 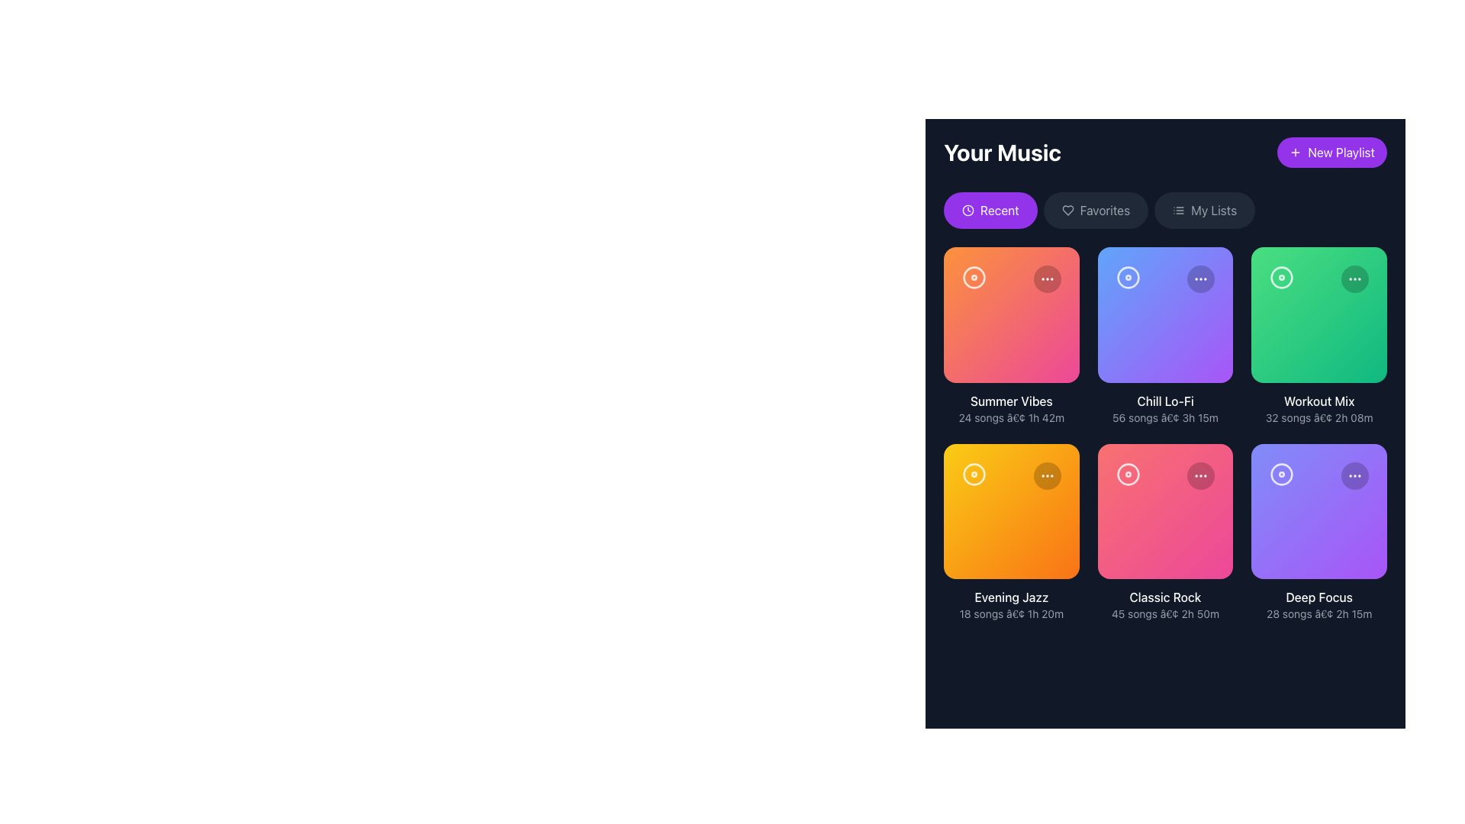 What do you see at coordinates (1164, 604) in the screenshot?
I see `information displayed in the text component of the 'Classic Rock' playlist card located in the lower middle position of the three-by-two grid in the 'Your Music' section` at bounding box center [1164, 604].